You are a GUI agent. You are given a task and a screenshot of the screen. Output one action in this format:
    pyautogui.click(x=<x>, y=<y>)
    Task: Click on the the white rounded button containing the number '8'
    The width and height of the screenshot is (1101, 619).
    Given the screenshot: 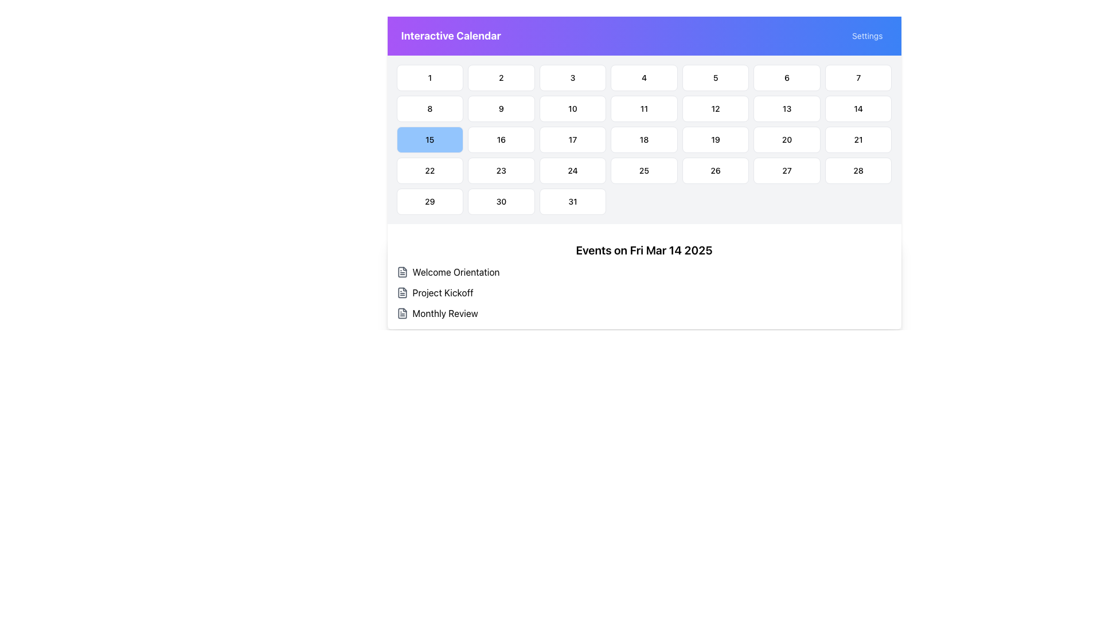 What is the action you would take?
    pyautogui.click(x=429, y=108)
    